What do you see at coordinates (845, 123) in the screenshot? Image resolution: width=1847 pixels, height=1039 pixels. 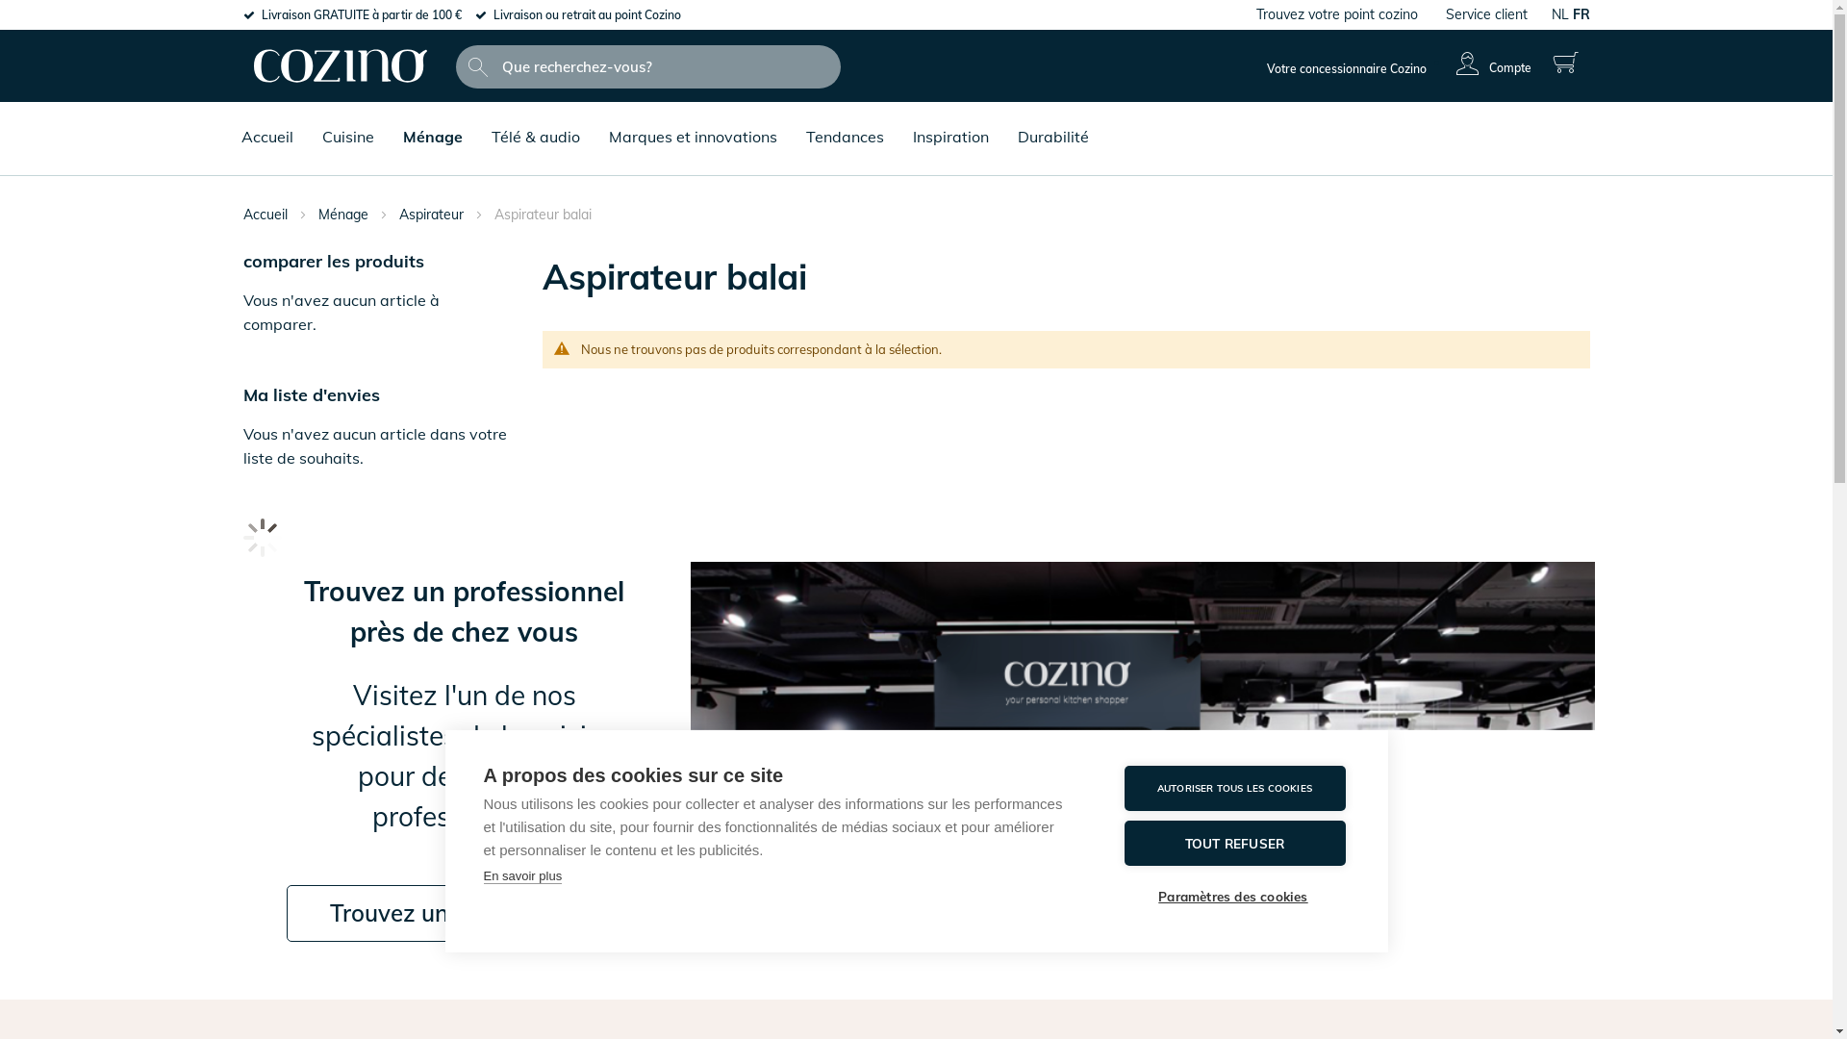 I see `'Tendances'` at bounding box center [845, 123].